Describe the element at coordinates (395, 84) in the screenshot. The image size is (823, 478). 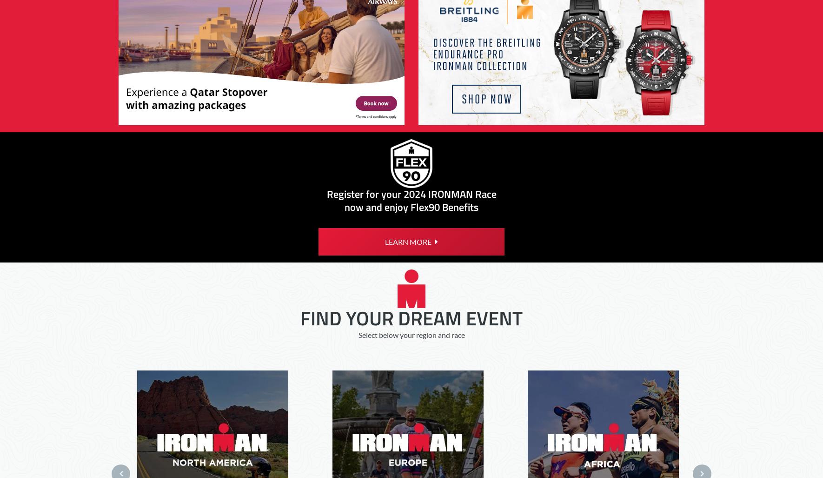
I see `'(SRM) software, but is owned by and subject to the IRONMAN privacy policy.'` at that location.